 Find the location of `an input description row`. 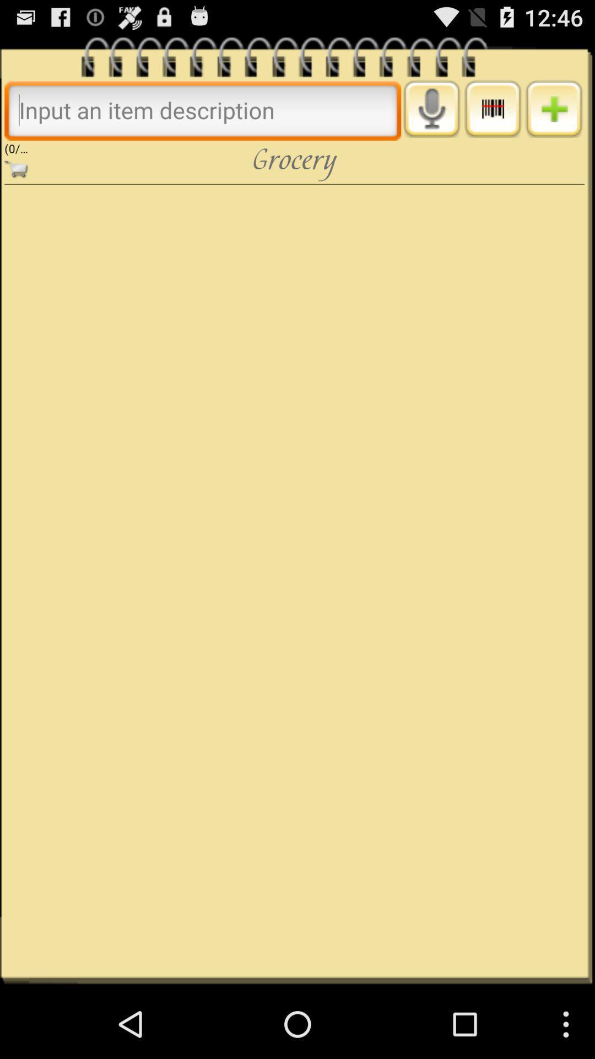

an input description row is located at coordinates (554, 109).